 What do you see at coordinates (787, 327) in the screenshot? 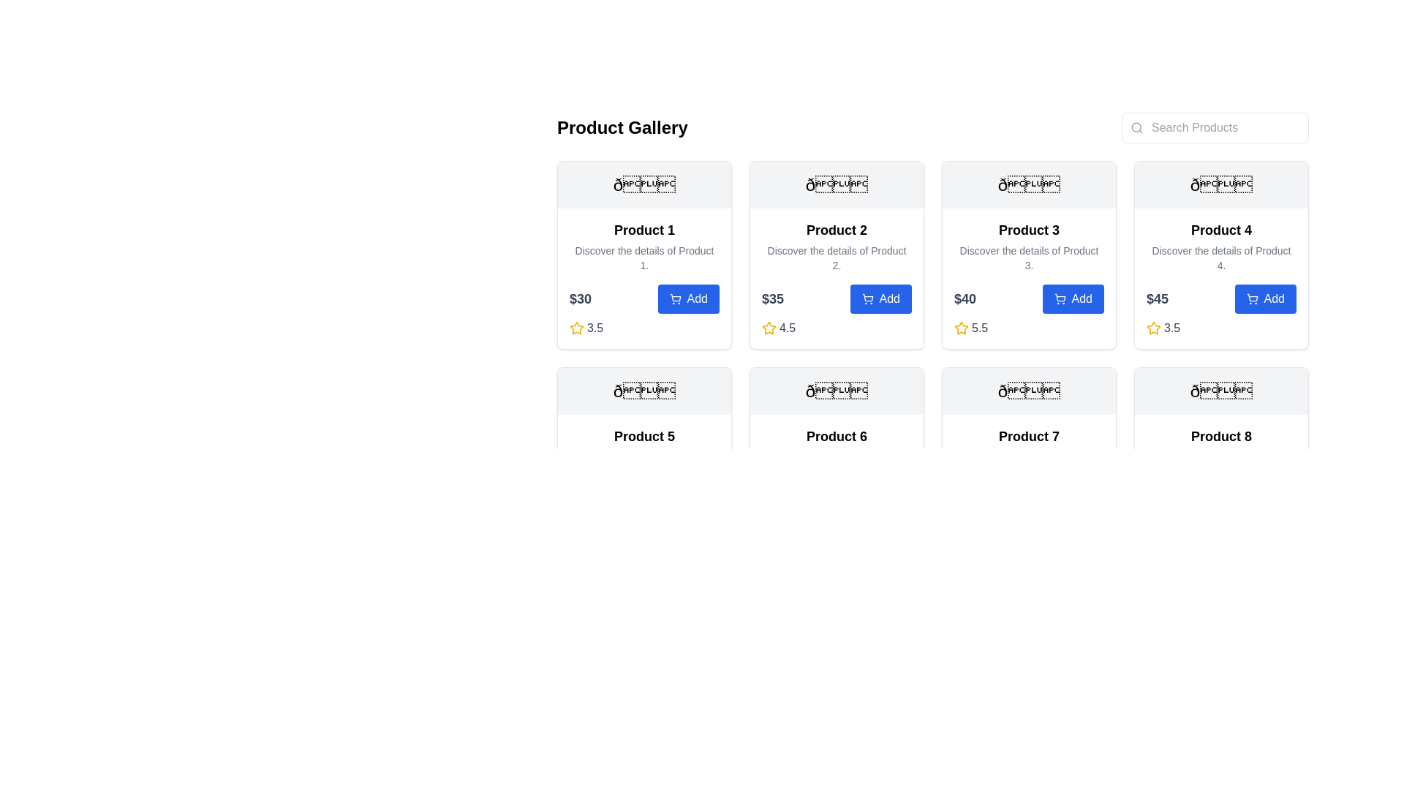
I see `numerical rating displayed for 'Product 2' located in the second card from the left in the first row of the product grid, positioned to the right of the yellow star icon` at bounding box center [787, 327].